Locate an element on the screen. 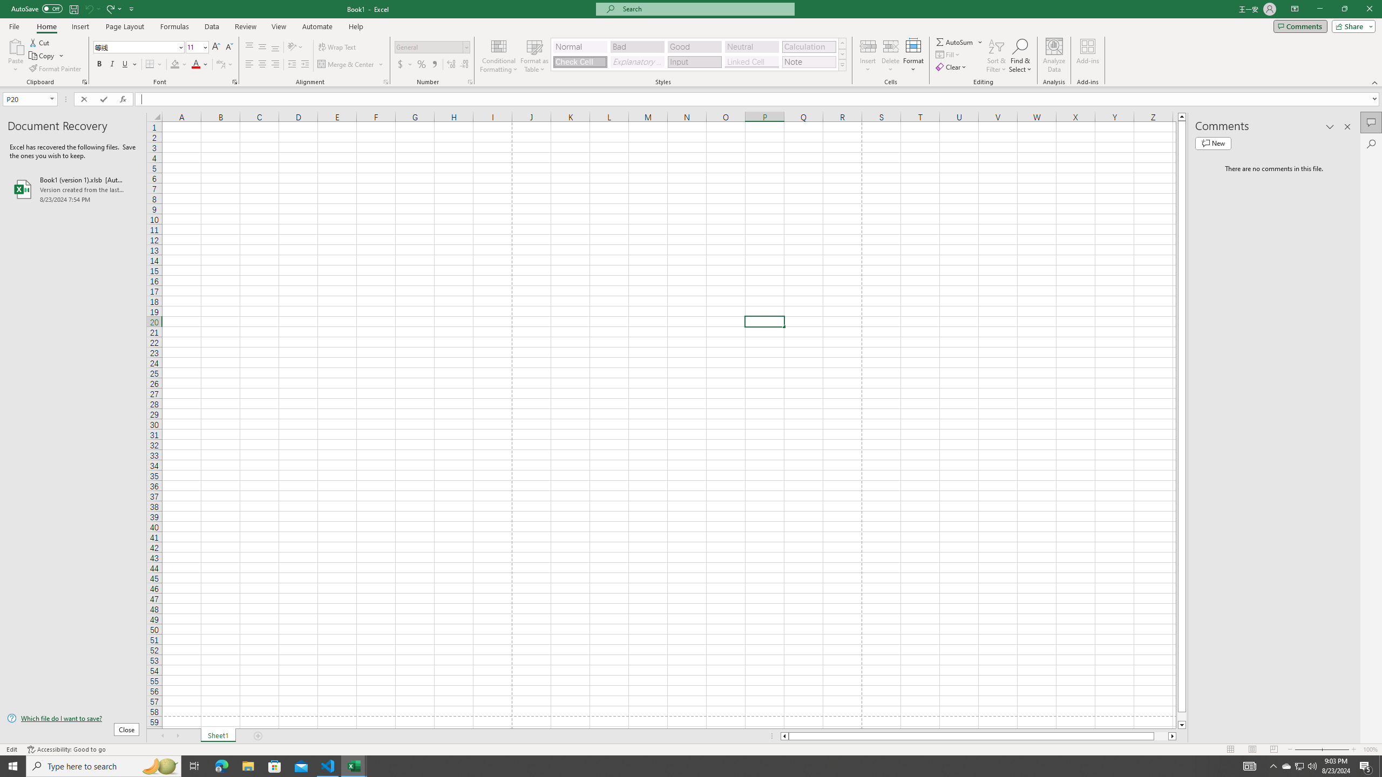 The image size is (1382, 777). 'Align Right' is located at coordinates (275, 64).